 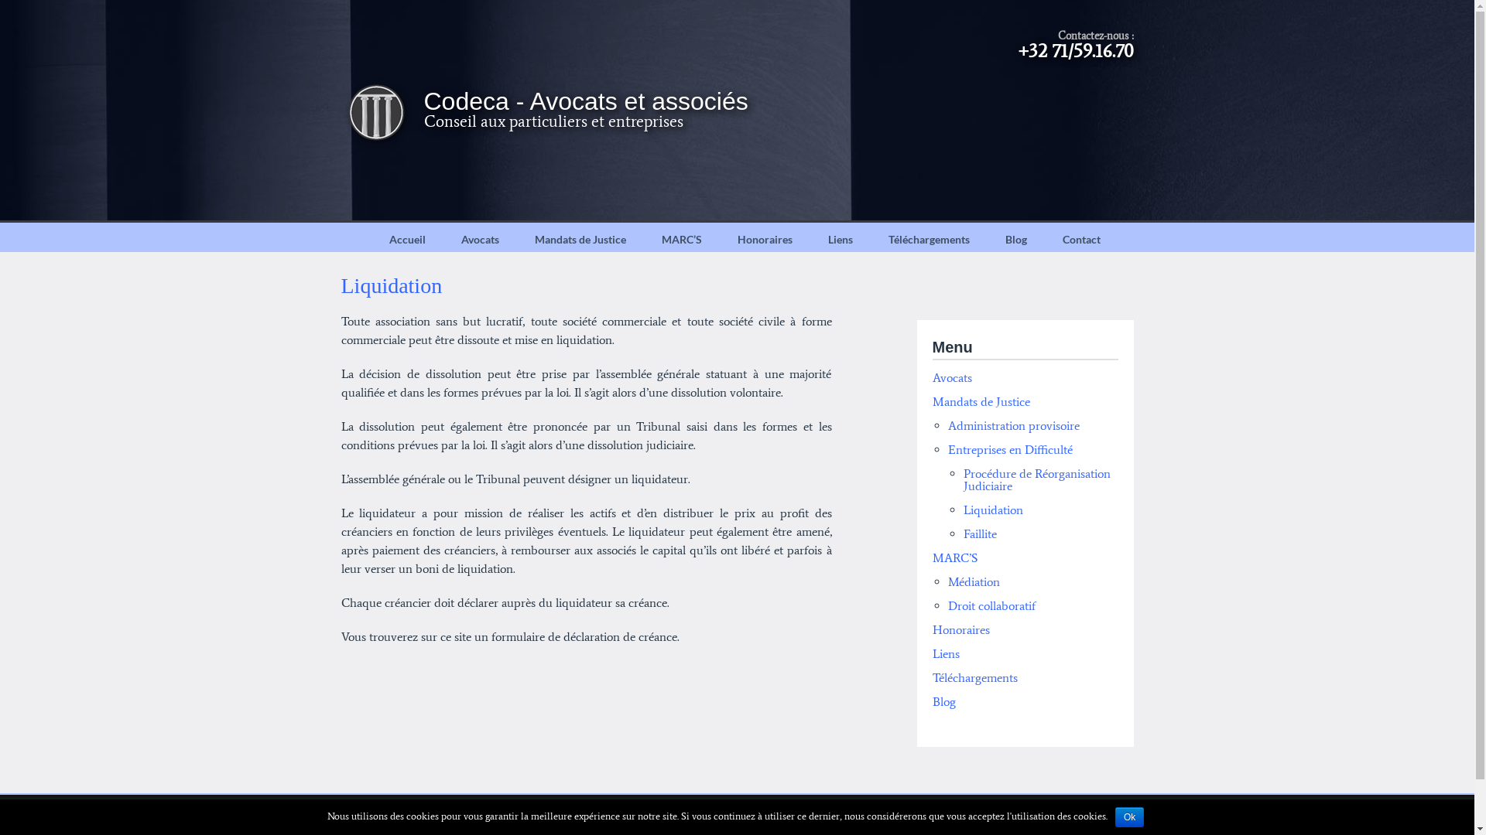 What do you see at coordinates (579, 239) in the screenshot?
I see `'Mandats de Justice'` at bounding box center [579, 239].